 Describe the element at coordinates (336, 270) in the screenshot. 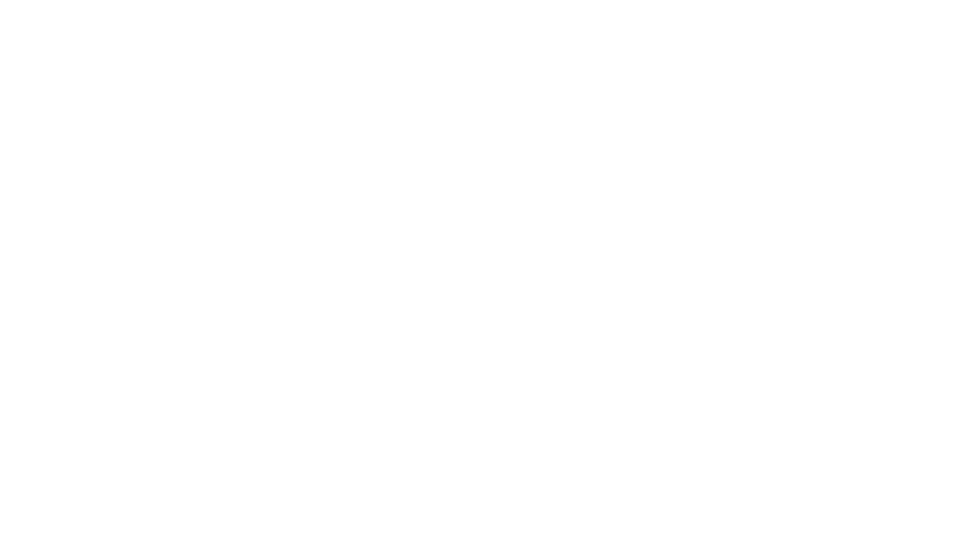

I see `'And besides, certain players aren’t necessarily guaranteed to be in Foxborough beyond November. Patience, young padawans.'` at that location.